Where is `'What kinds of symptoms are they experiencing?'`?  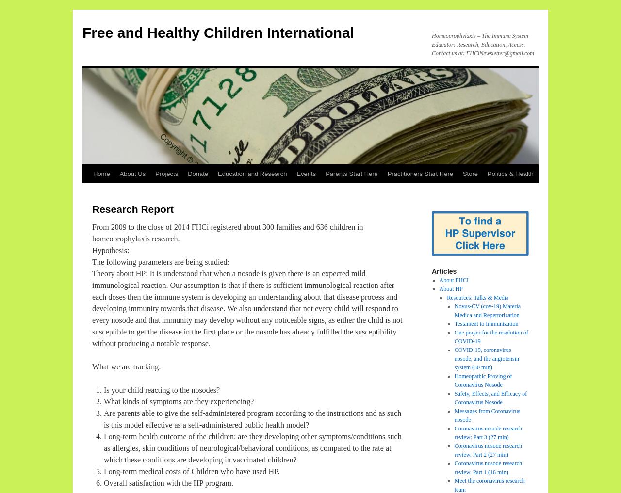
'What kinds of symptoms are they experiencing?' is located at coordinates (104, 401).